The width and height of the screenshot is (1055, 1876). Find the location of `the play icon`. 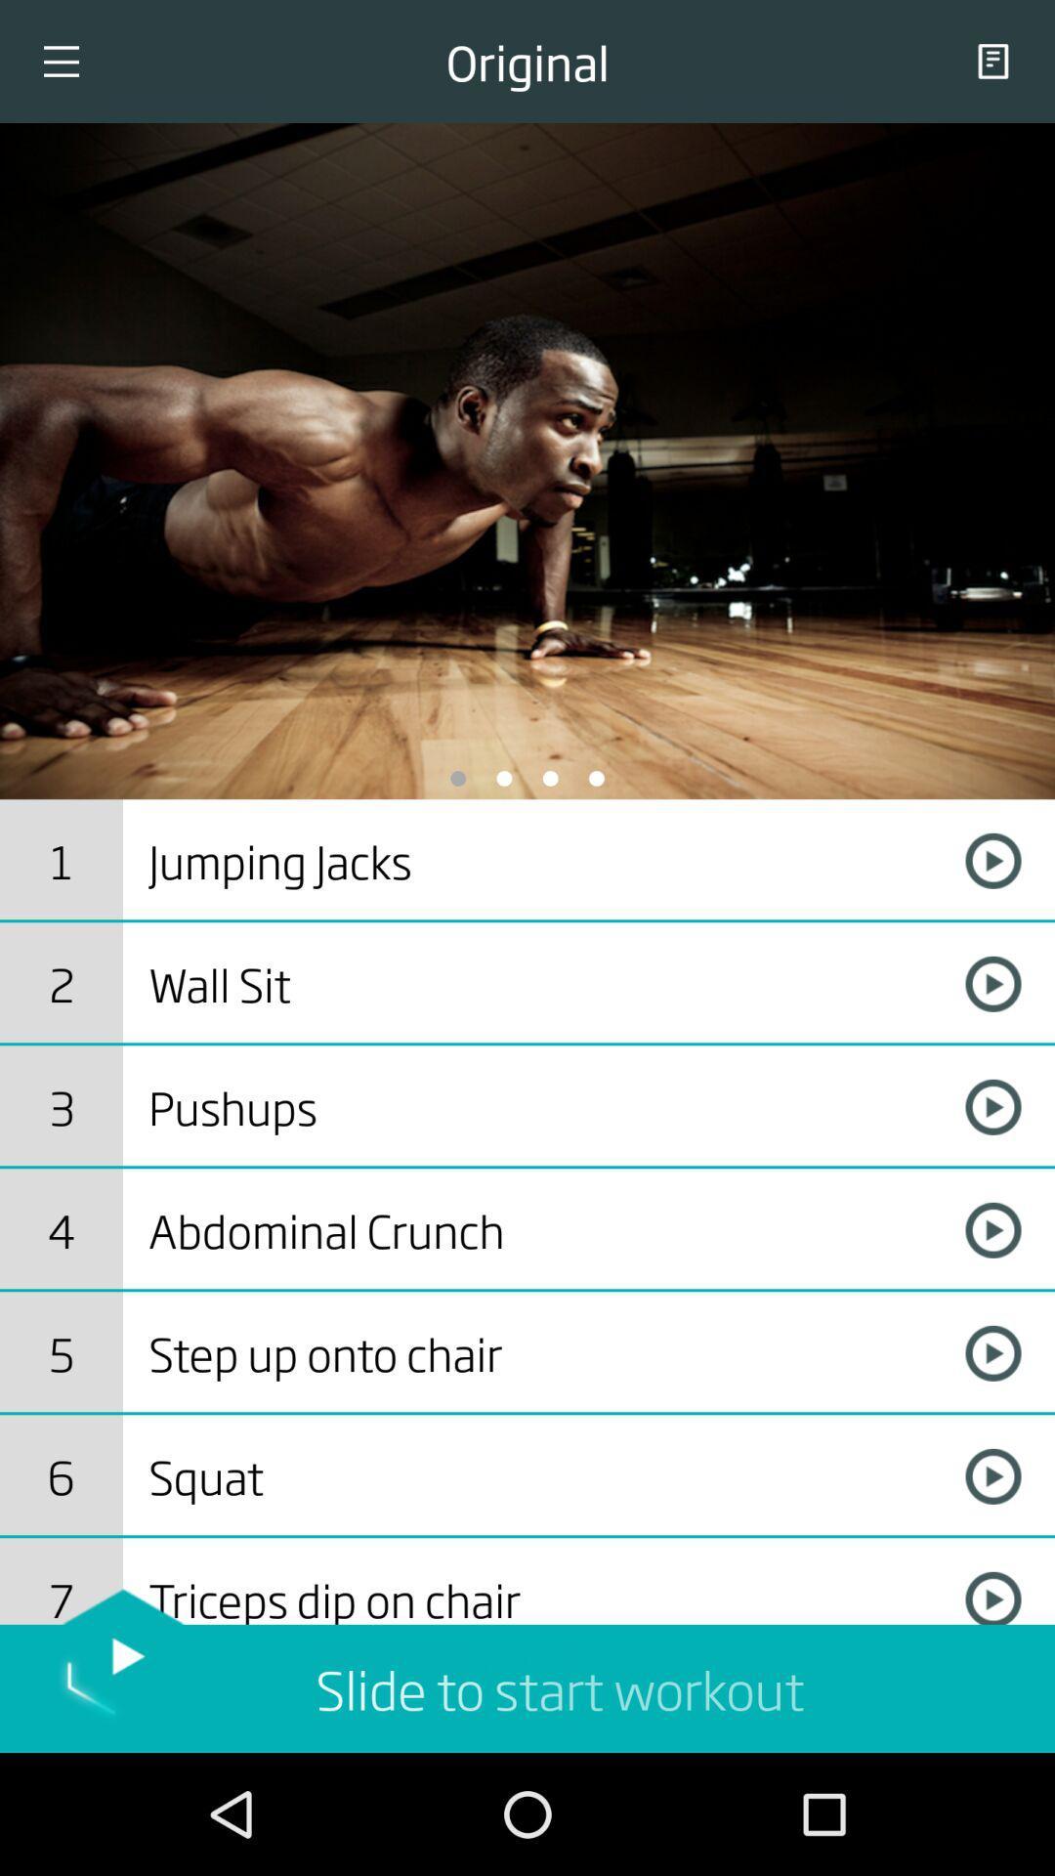

the play icon is located at coordinates (993, 1352).